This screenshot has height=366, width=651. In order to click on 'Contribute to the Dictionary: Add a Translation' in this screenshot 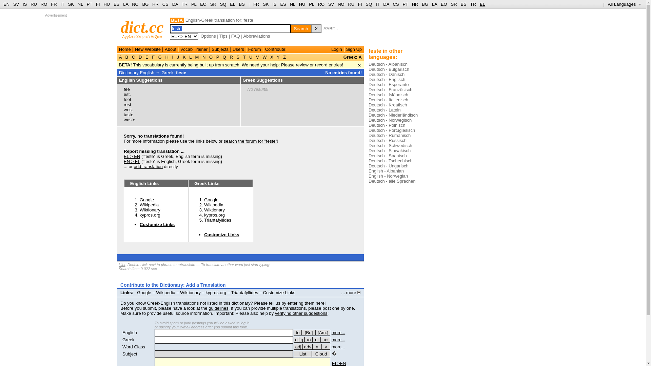, I will do `click(173, 285)`.